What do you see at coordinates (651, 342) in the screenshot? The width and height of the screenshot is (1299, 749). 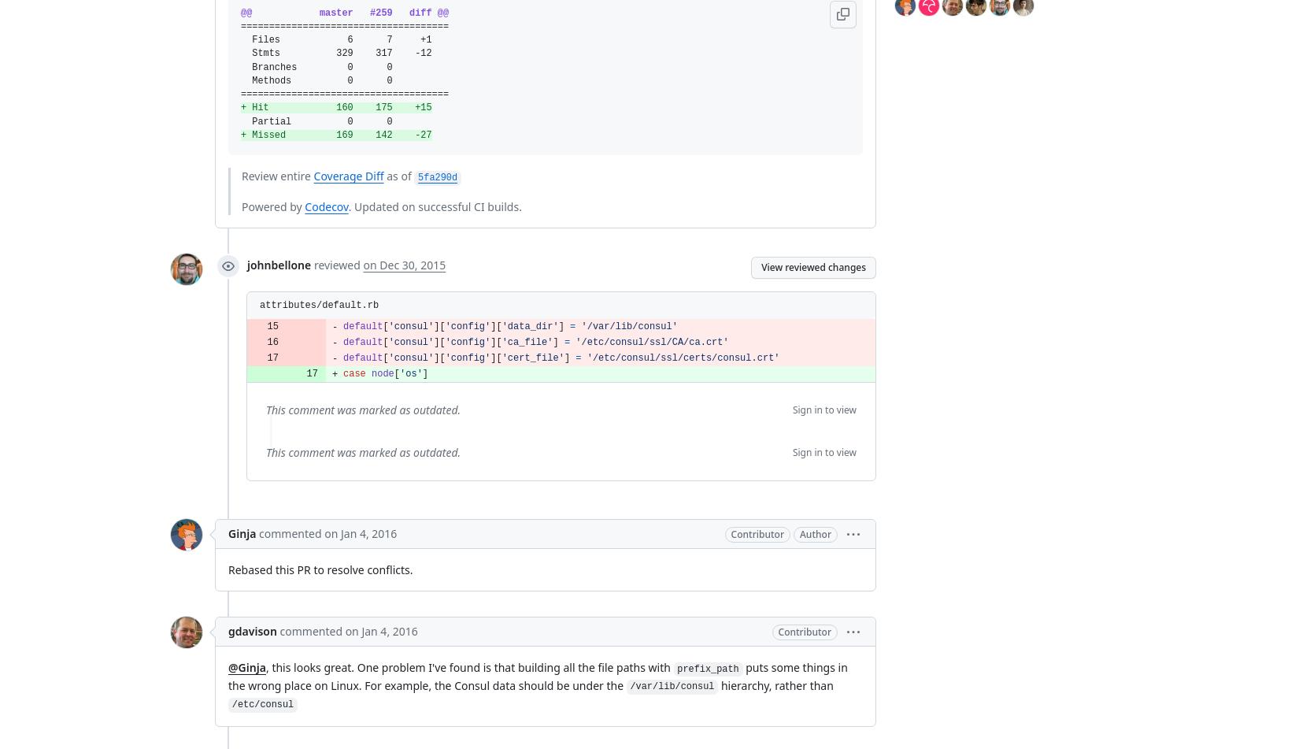 I see `''/etc/consul/ssl/CA/ca.crt''` at bounding box center [651, 342].